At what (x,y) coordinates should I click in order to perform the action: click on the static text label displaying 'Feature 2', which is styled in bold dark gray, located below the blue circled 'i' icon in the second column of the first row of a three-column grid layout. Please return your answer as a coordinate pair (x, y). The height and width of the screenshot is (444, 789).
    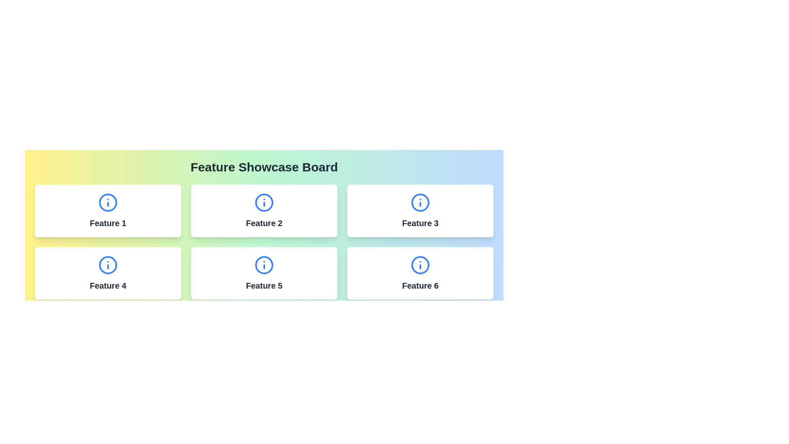
    Looking at the image, I should click on (264, 223).